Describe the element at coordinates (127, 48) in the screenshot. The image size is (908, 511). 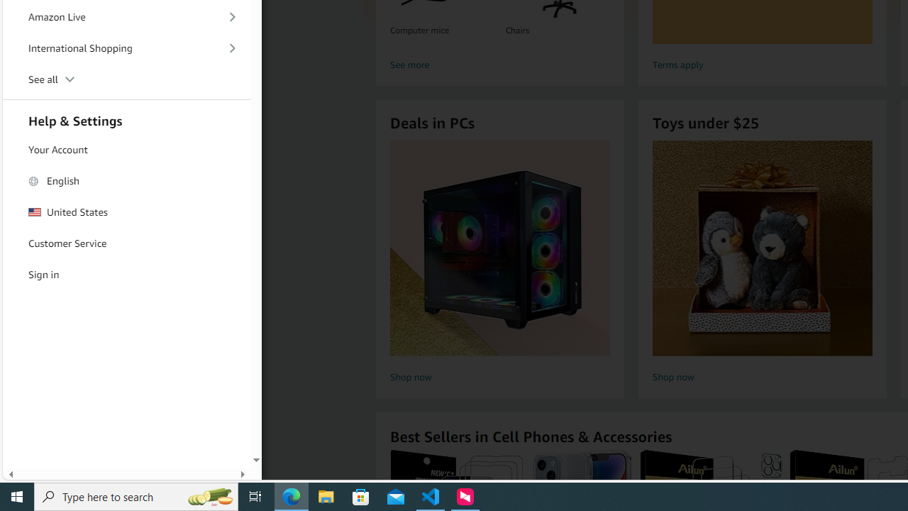
I see `'International Shopping'` at that location.